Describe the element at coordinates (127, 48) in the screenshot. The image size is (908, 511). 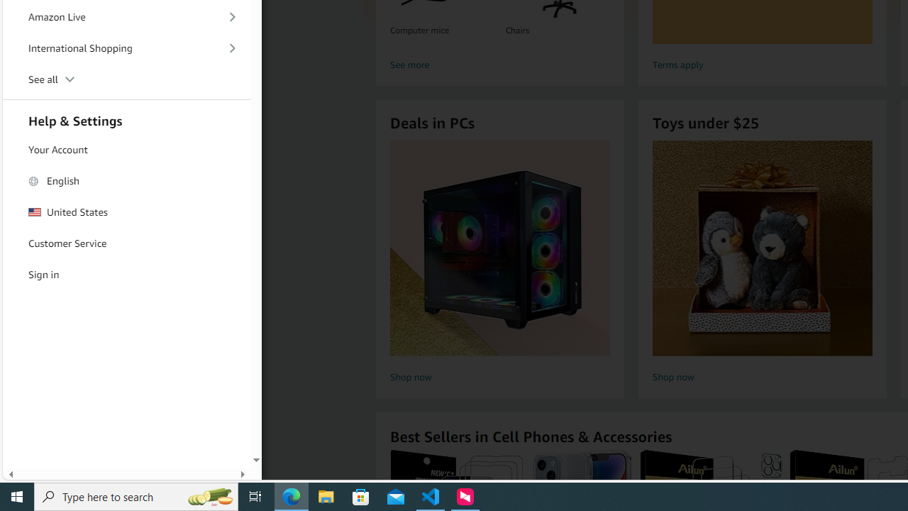
I see `'International Shopping'` at that location.